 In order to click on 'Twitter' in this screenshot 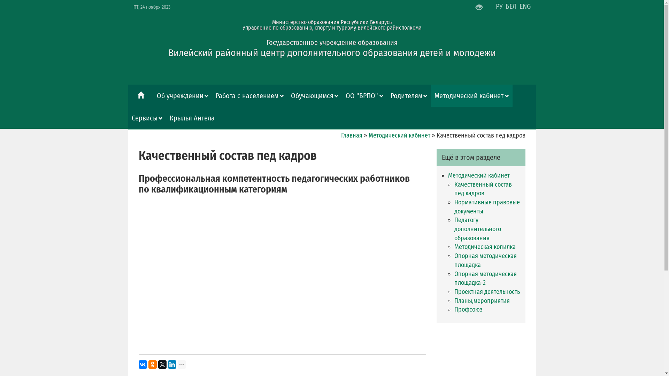, I will do `click(162, 364)`.